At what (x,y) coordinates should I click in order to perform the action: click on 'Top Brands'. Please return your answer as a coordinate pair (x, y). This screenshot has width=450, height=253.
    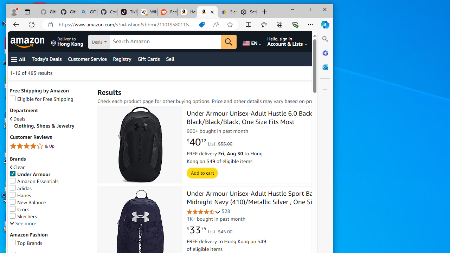
    Looking at the image, I should click on (26, 242).